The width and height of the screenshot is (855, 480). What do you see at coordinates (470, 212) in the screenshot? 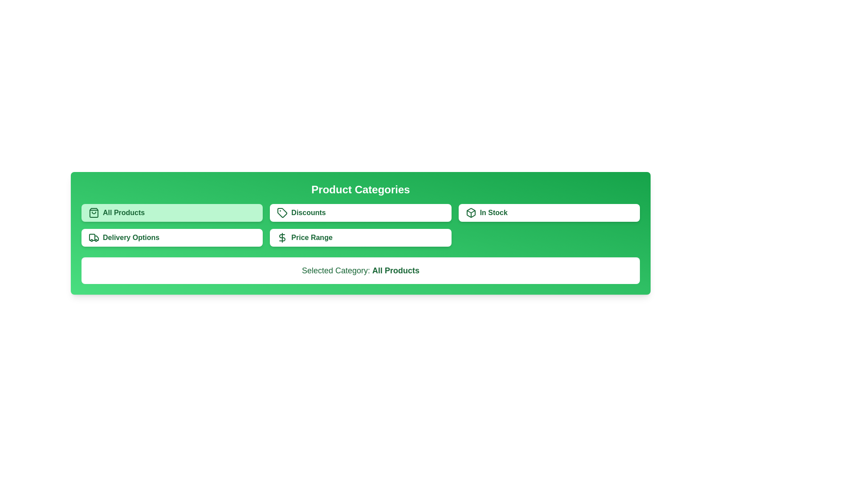
I see `the 'In Stock' icon located in the top right portion of the 'Product Categories' section within the SVG component` at bounding box center [470, 212].